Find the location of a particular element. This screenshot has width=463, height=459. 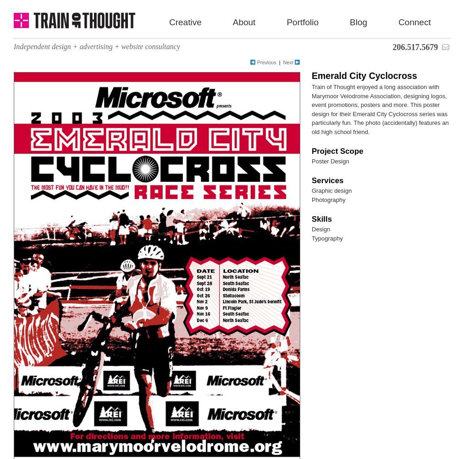

'Photography' is located at coordinates (328, 199).